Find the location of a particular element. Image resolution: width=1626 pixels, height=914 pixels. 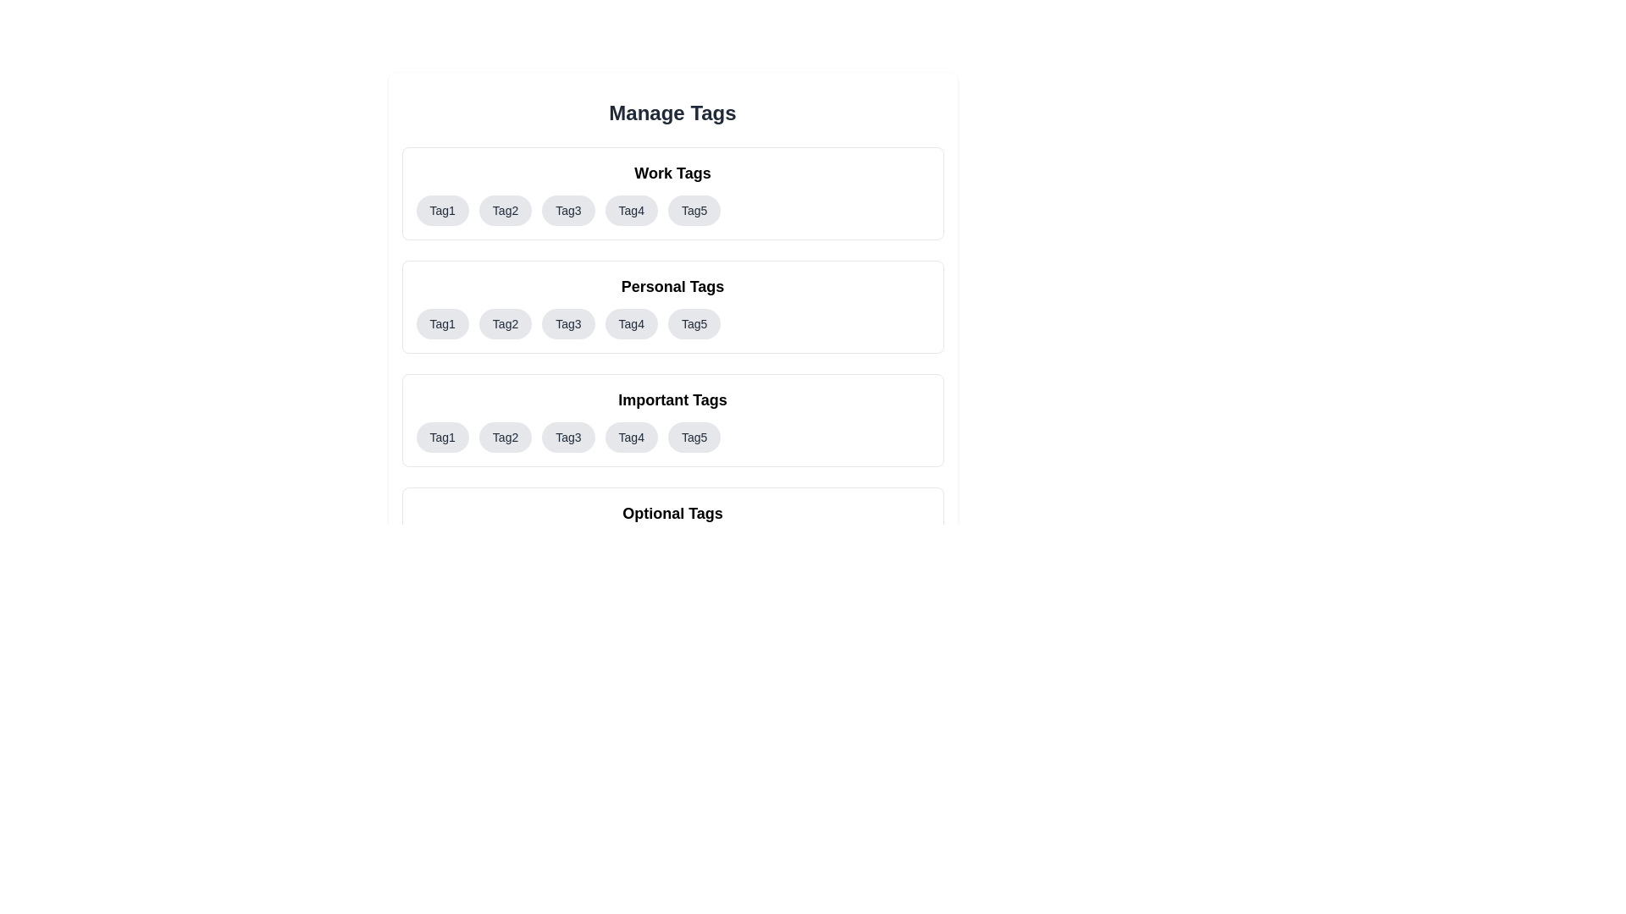

the 'Tag1' button, which is a pill-shaped button with a light gray background and medium-gray text, located in the 'Important Tags' section is located at coordinates (442, 436).